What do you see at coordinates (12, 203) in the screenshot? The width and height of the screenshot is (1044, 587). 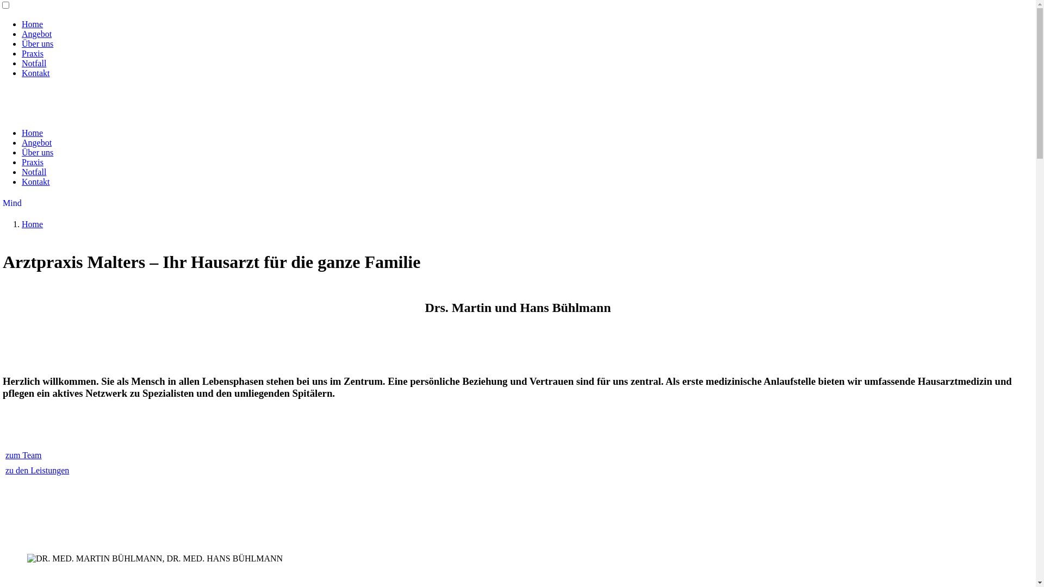 I see `'Mind'` at bounding box center [12, 203].